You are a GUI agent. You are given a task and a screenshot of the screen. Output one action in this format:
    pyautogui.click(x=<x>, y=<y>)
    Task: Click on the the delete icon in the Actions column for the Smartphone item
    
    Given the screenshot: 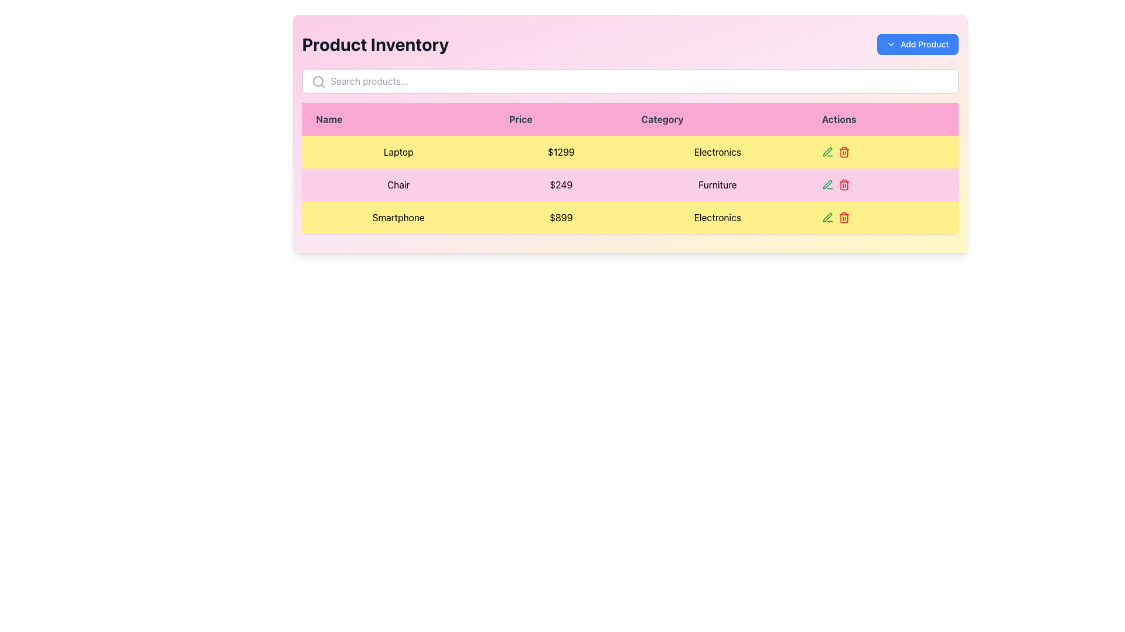 What is the action you would take?
    pyautogui.click(x=844, y=151)
    